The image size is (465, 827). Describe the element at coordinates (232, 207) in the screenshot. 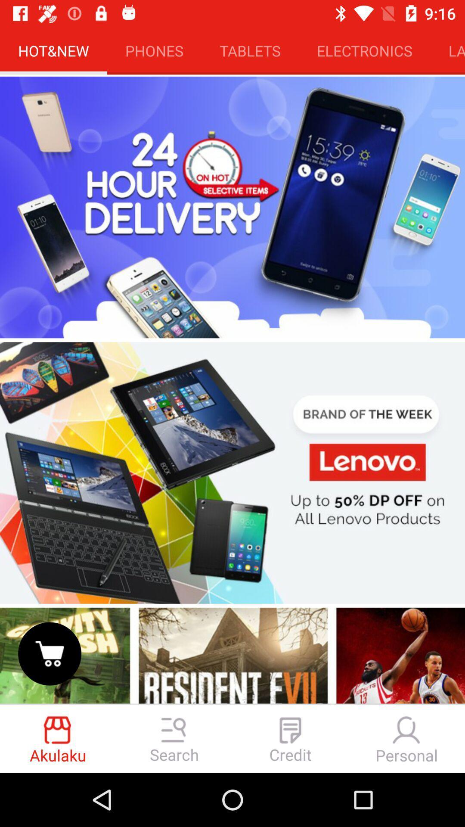

I see `24 hour delivery on selective items` at that location.